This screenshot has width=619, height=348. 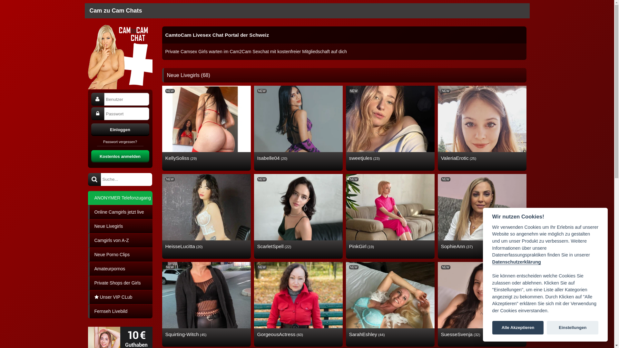 What do you see at coordinates (120, 212) in the screenshot?
I see `'Online Camgirls jetzt live'` at bounding box center [120, 212].